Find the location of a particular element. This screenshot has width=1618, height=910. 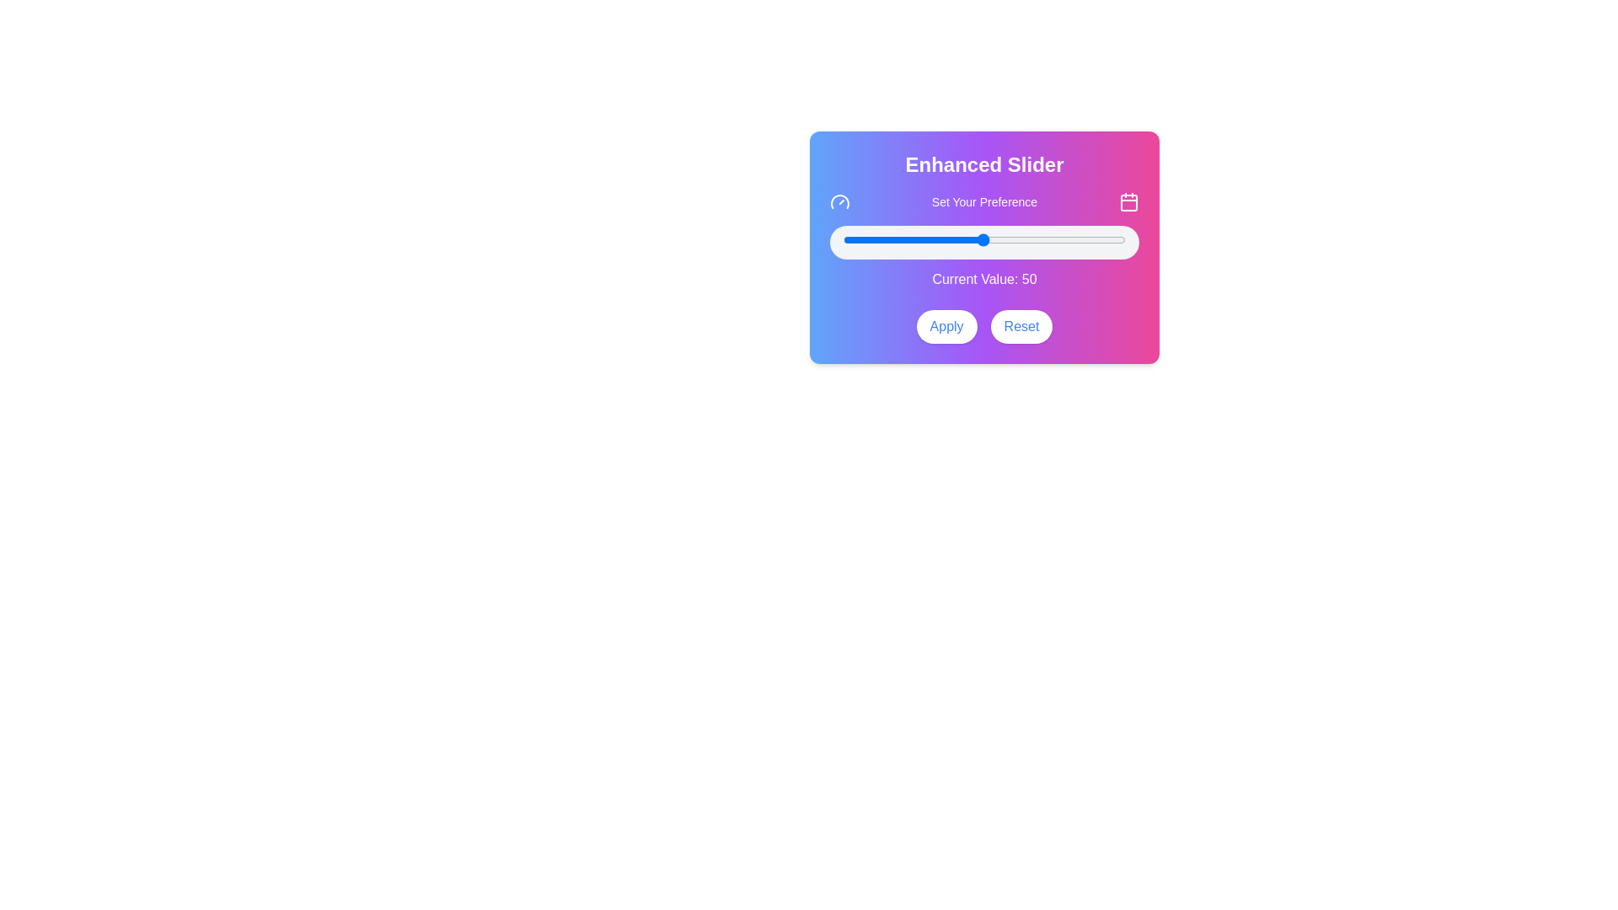

the 'Apply' button, which has rounded edges, white color with blue text, and changes to a blue background with white text when hovered is located at coordinates (946, 327).